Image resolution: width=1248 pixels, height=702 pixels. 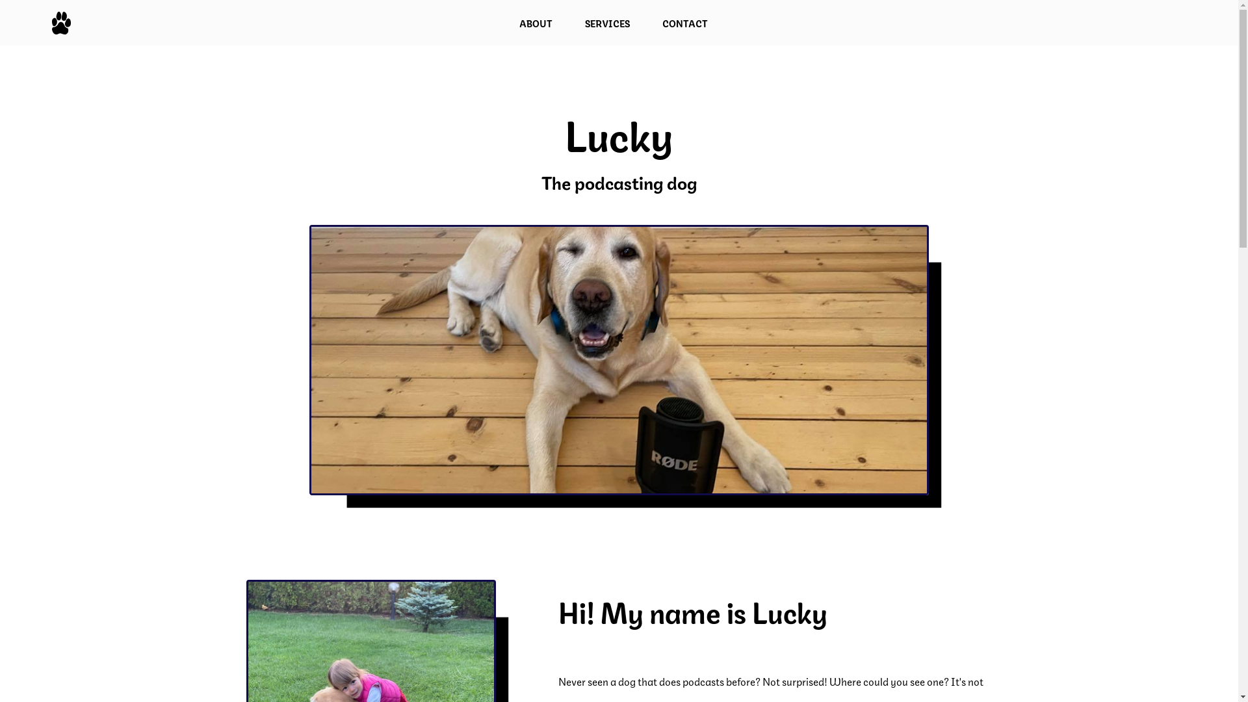 I want to click on 'SERVICES', so click(x=606, y=22).